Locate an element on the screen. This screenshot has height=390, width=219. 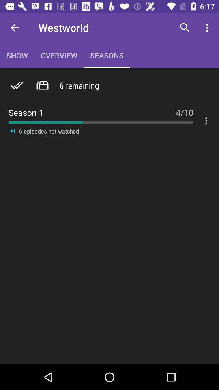
the item next to 6 remaining icon is located at coordinates (42, 85).